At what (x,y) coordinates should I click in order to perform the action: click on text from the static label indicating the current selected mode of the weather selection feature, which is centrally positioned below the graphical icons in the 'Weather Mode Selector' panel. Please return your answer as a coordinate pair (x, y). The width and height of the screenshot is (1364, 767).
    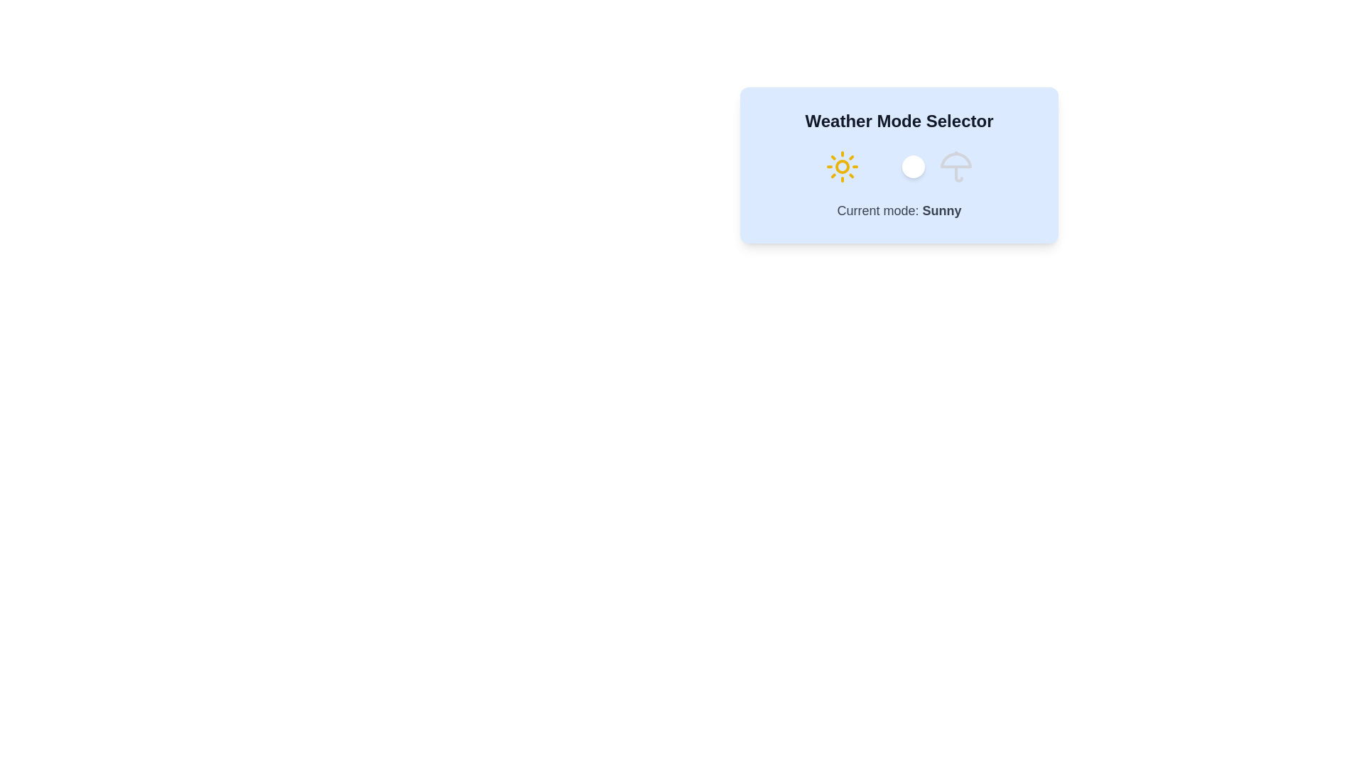
    Looking at the image, I should click on (899, 211).